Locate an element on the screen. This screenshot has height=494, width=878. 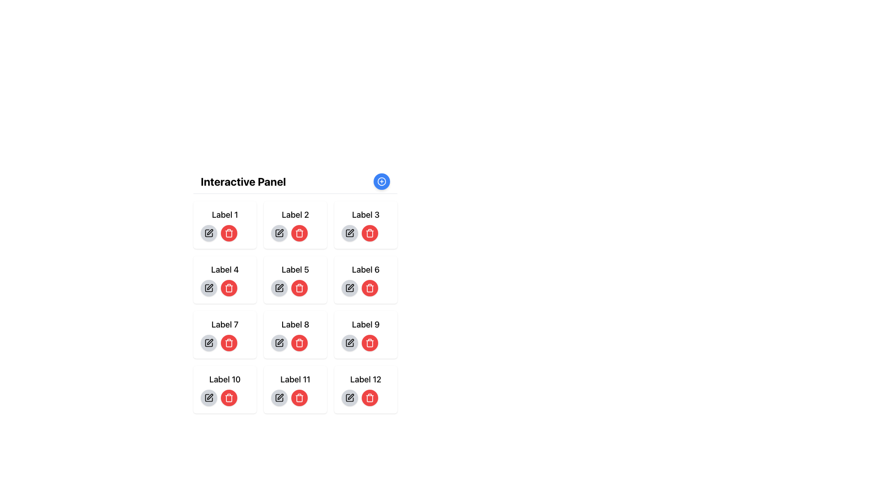
the edit button in the seventh column of the panel labeled 'Label 9' is located at coordinates (349, 343).